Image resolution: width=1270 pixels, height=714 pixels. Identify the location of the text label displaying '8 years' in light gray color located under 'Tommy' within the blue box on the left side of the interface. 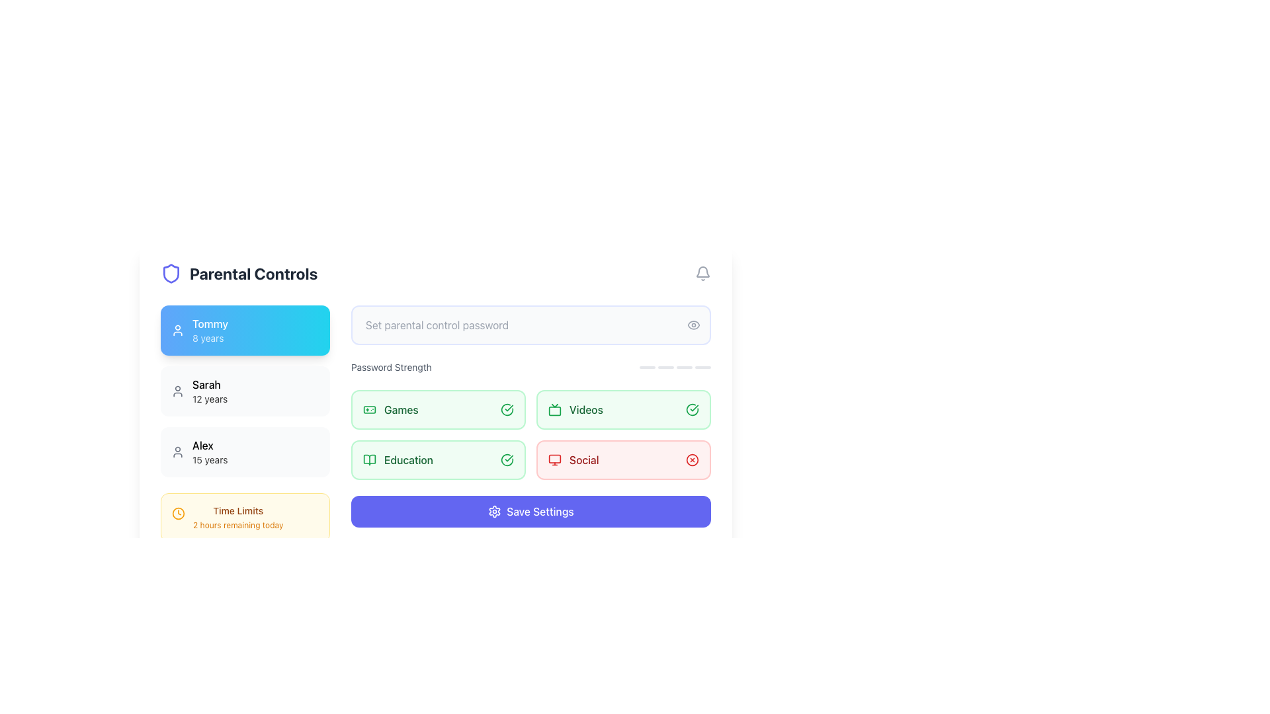
(209, 338).